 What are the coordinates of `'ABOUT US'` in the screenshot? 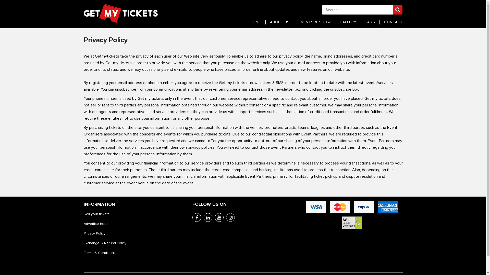 It's located at (279, 22).